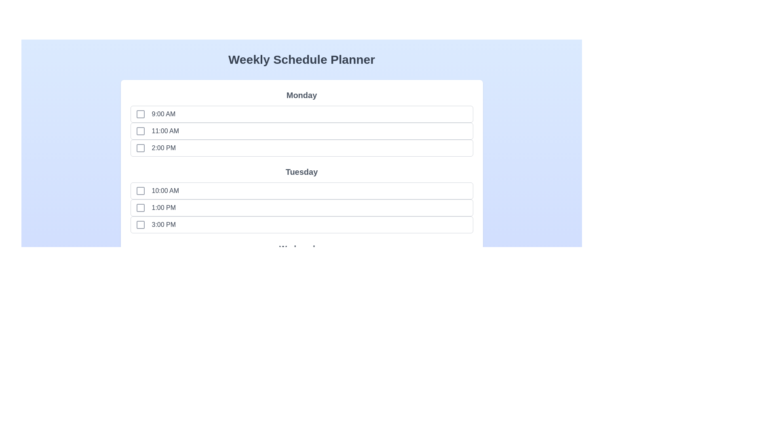 This screenshot has height=436, width=776. I want to click on the time slot Monday at 2:00 PM, so click(140, 148).